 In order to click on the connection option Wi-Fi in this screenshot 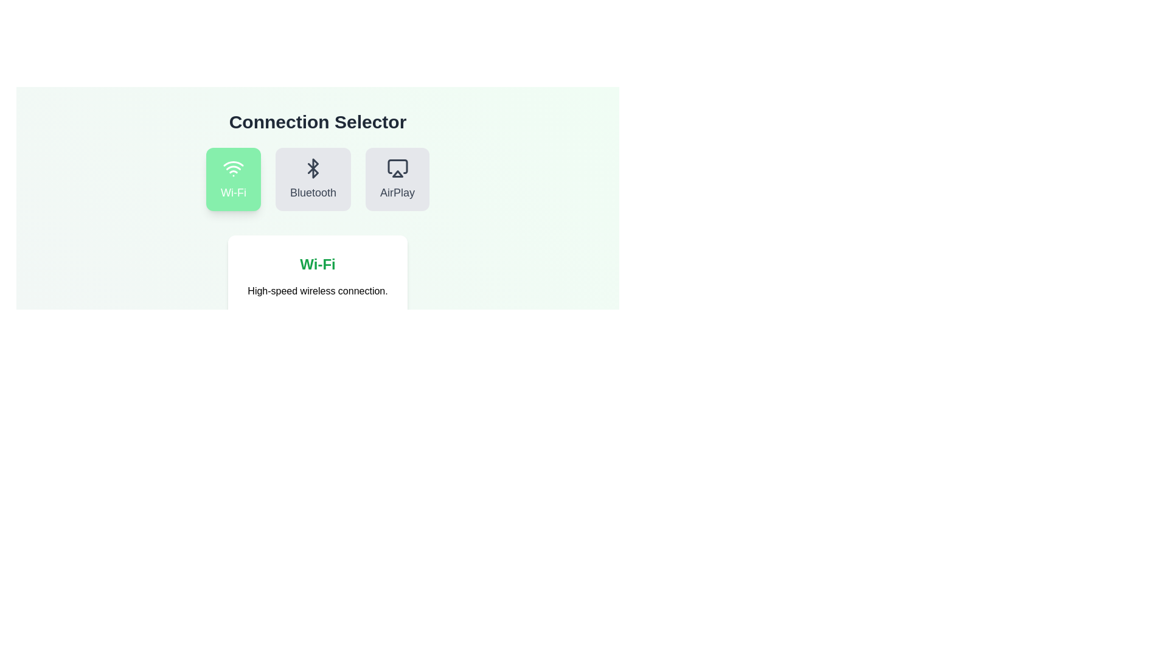, I will do `click(234, 179)`.